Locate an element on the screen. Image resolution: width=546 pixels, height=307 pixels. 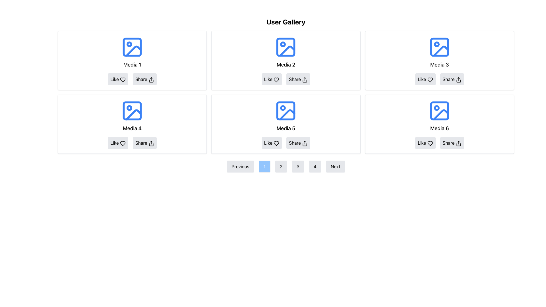
the share icon within the 'Share' button located below the 'Media 3' image, which features a rounded arrow above a rectangular box with a black outline is located at coordinates (458, 80).